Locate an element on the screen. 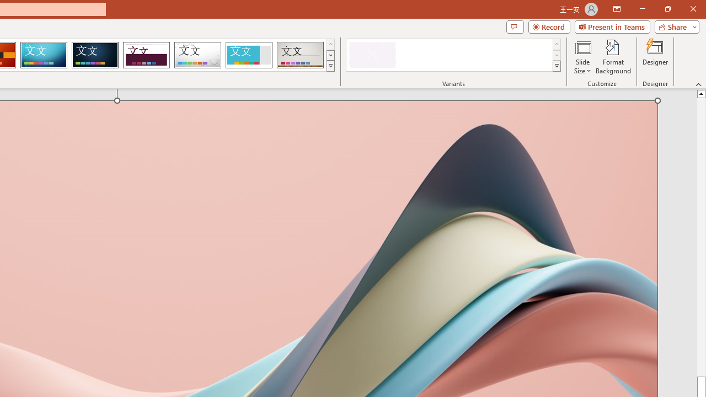 This screenshot has width=706, height=397. 'Designer' is located at coordinates (655, 57).